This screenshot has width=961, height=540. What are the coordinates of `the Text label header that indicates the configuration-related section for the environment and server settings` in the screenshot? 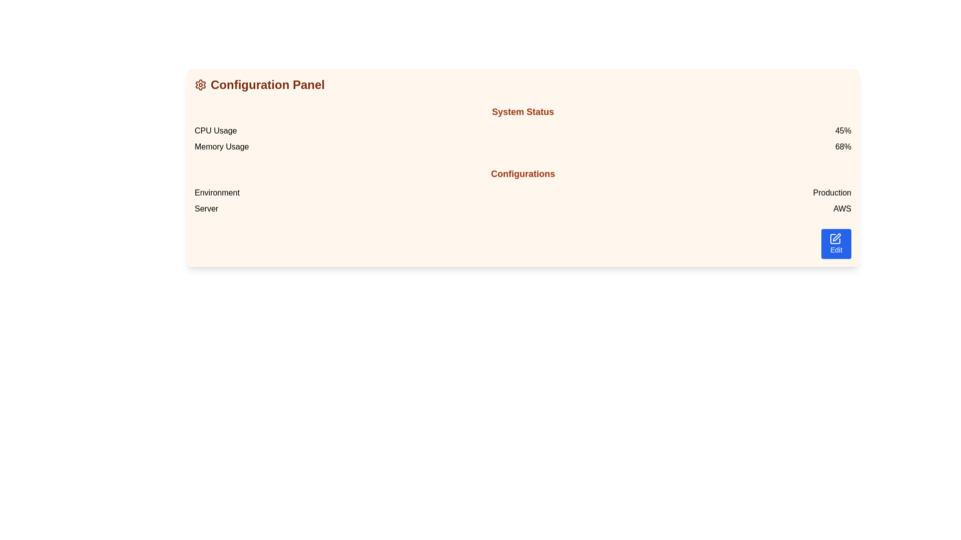 It's located at (523, 173).